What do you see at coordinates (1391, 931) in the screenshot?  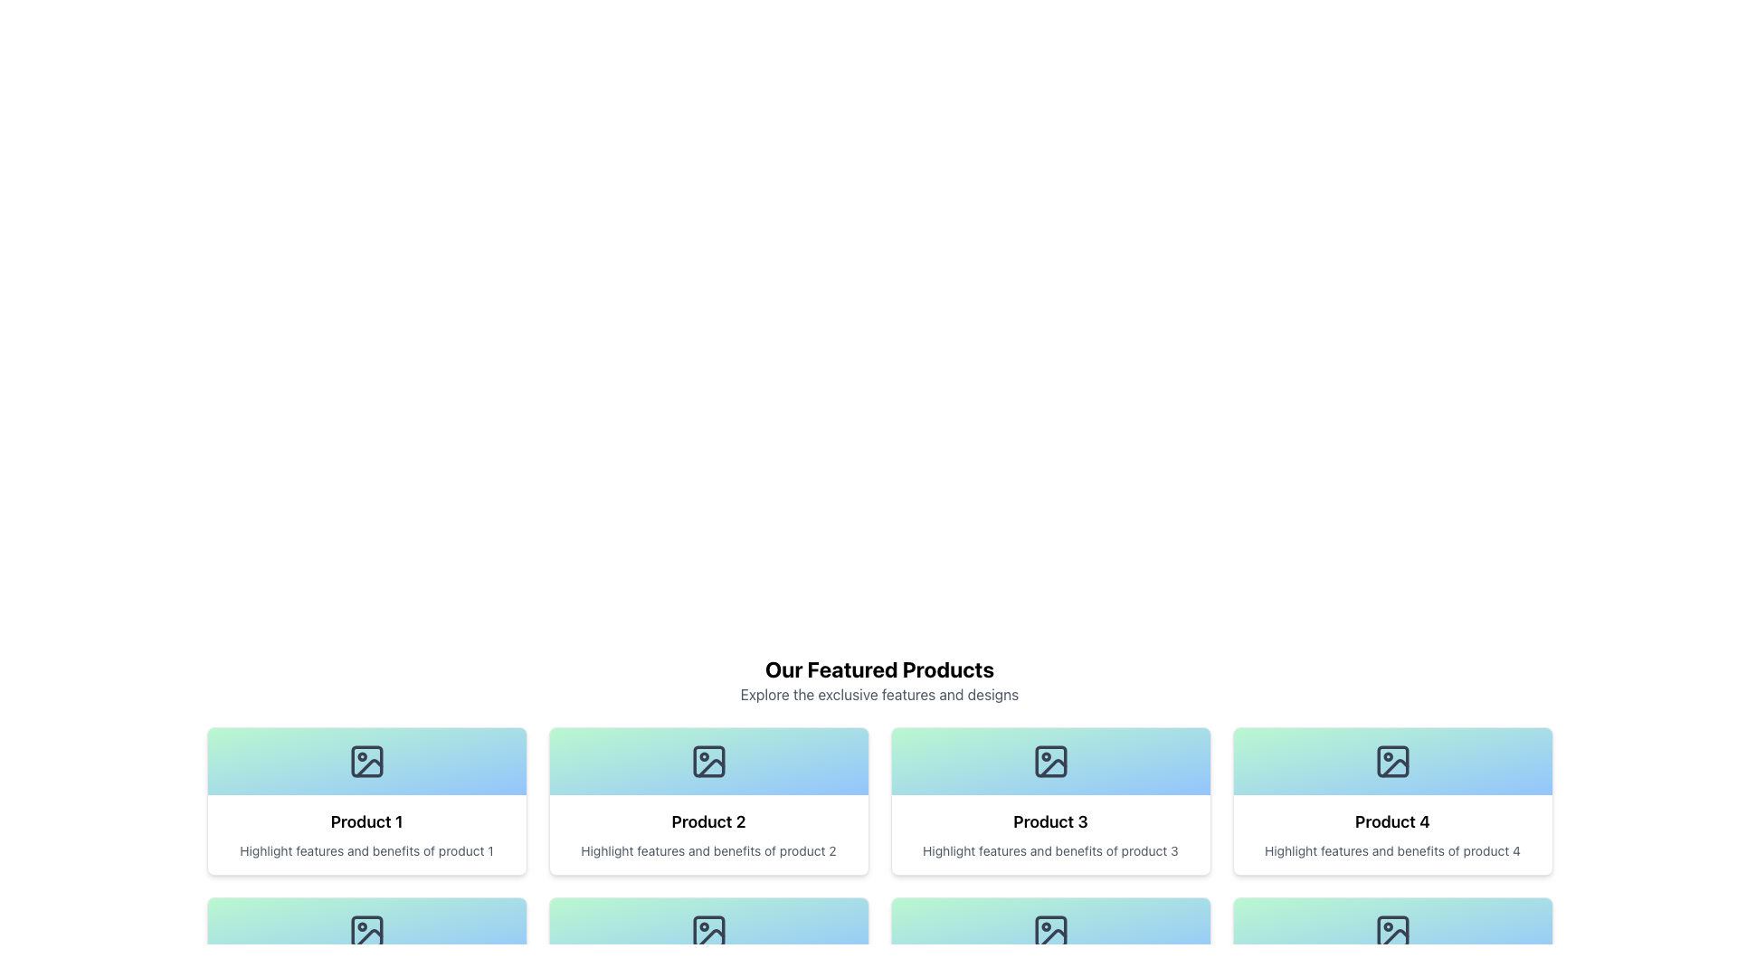 I see `the Icon element resembling an image representation, which is styled in gray within a square outline, located on the lower right product card above the product title` at bounding box center [1391, 931].